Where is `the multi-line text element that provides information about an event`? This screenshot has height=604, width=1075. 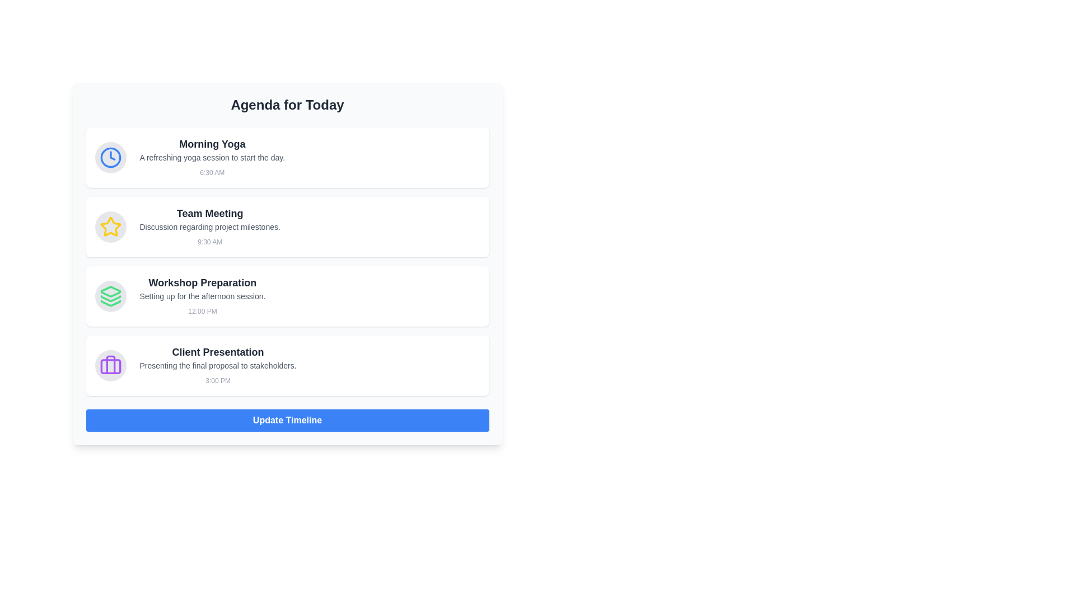 the multi-line text element that provides information about an event is located at coordinates (212, 157).